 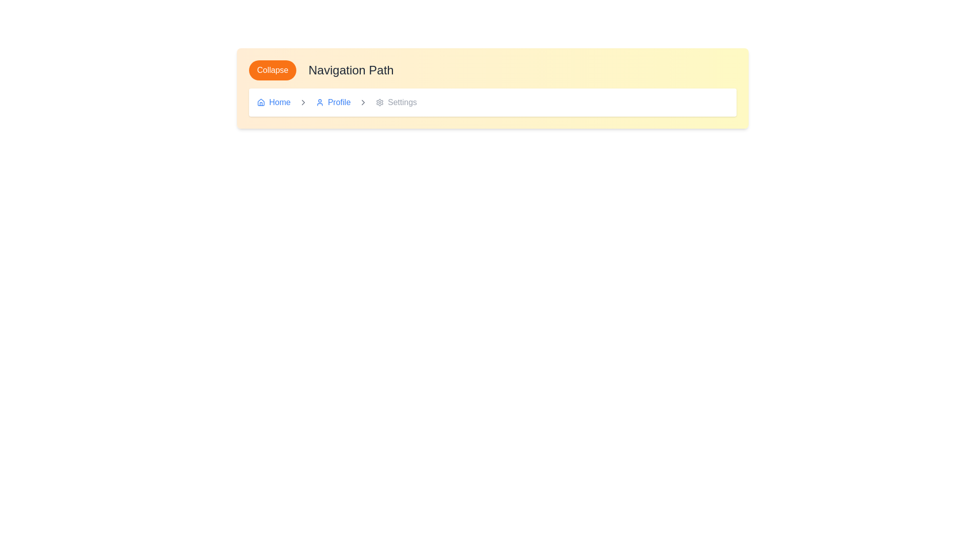 What do you see at coordinates (379, 103) in the screenshot?
I see `the 'Settings' icon located on the right-hand side of the breadcrumb navigation bar` at bounding box center [379, 103].